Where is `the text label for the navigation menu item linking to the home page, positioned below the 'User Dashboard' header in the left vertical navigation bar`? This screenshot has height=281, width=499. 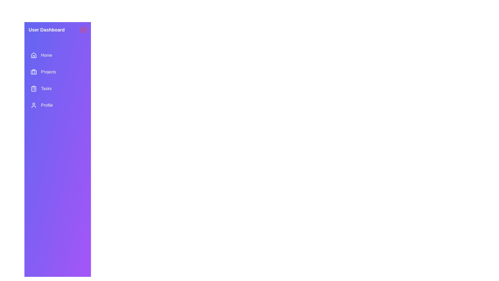 the text label for the navigation menu item linking to the home page, positioned below the 'User Dashboard' header in the left vertical navigation bar is located at coordinates (47, 55).